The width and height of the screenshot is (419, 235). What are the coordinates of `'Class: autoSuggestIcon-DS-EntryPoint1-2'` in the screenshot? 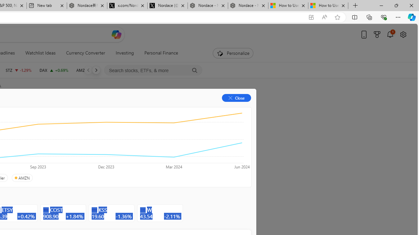 It's located at (142, 210).